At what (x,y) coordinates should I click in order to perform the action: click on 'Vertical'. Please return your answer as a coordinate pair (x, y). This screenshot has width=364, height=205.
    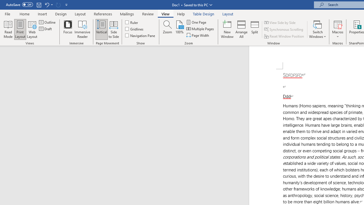
    Looking at the image, I should click on (102, 29).